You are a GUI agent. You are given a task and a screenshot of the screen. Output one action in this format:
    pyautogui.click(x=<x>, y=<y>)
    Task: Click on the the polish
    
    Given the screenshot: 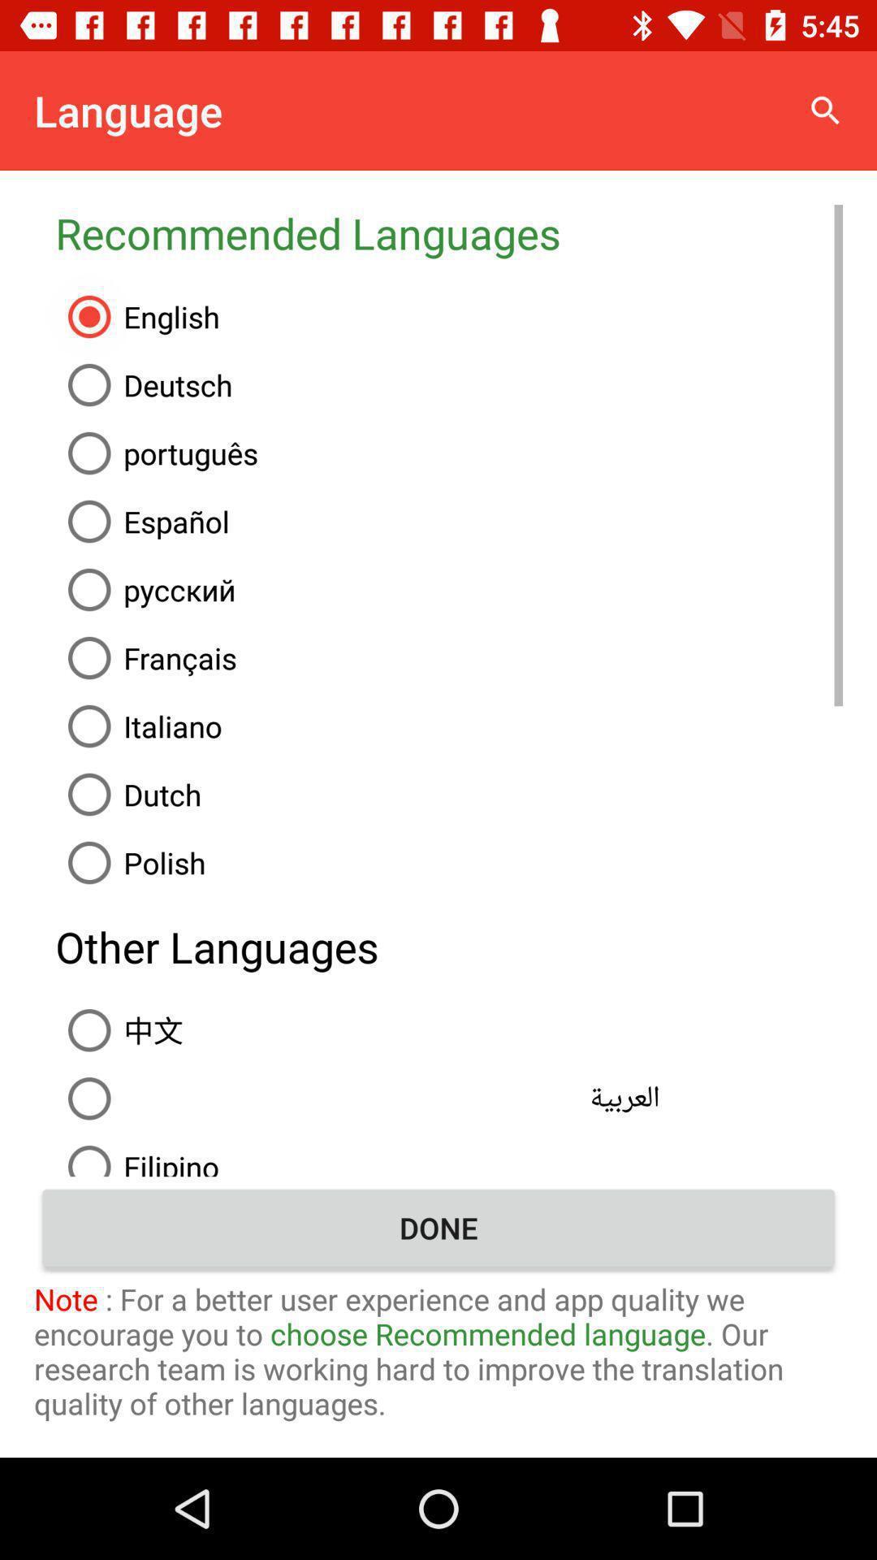 What is the action you would take?
    pyautogui.click(x=449, y=861)
    